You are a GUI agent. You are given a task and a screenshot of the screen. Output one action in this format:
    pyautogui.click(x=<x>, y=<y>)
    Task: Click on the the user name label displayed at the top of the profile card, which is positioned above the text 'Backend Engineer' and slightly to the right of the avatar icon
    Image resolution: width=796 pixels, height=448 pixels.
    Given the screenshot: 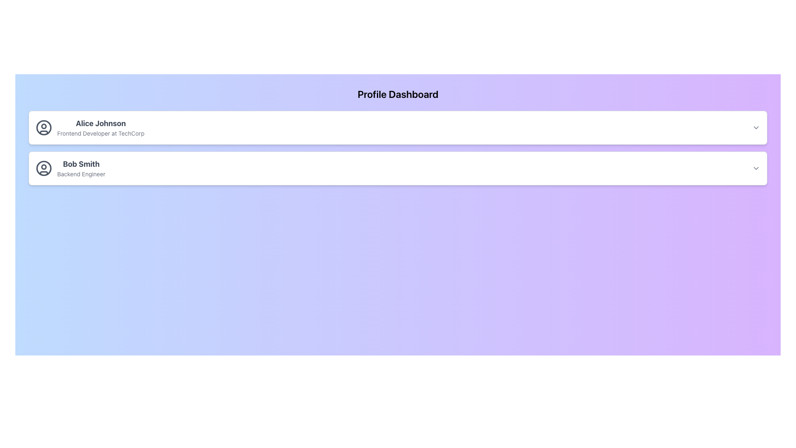 What is the action you would take?
    pyautogui.click(x=81, y=164)
    